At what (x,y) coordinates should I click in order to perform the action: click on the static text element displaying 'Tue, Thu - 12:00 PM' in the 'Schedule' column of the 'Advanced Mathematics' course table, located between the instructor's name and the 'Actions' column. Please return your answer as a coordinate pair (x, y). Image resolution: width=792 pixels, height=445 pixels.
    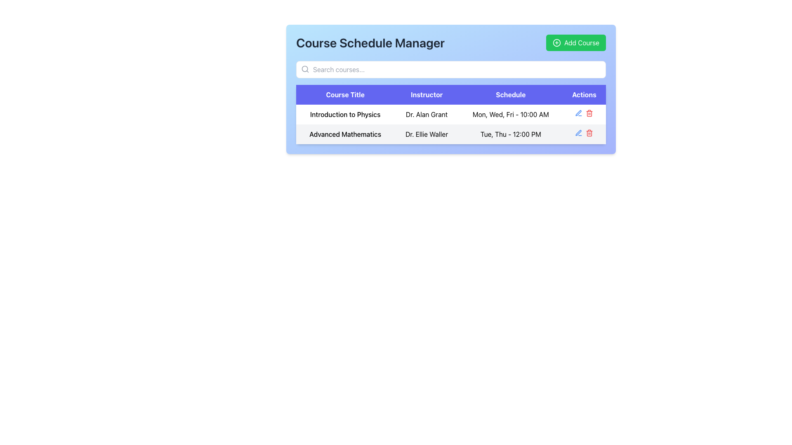
    Looking at the image, I should click on (510, 134).